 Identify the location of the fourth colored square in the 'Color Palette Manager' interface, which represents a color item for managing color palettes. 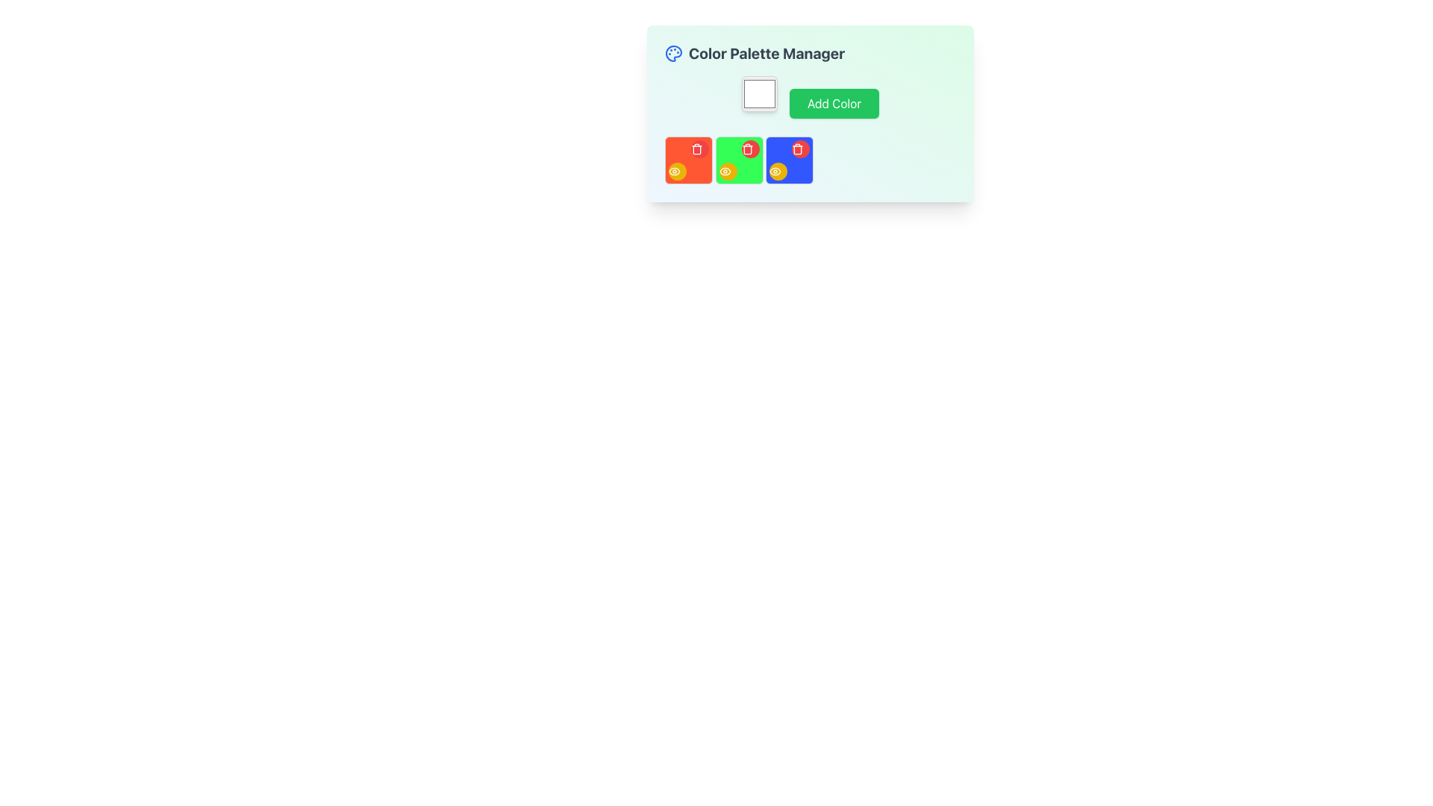
(789, 160).